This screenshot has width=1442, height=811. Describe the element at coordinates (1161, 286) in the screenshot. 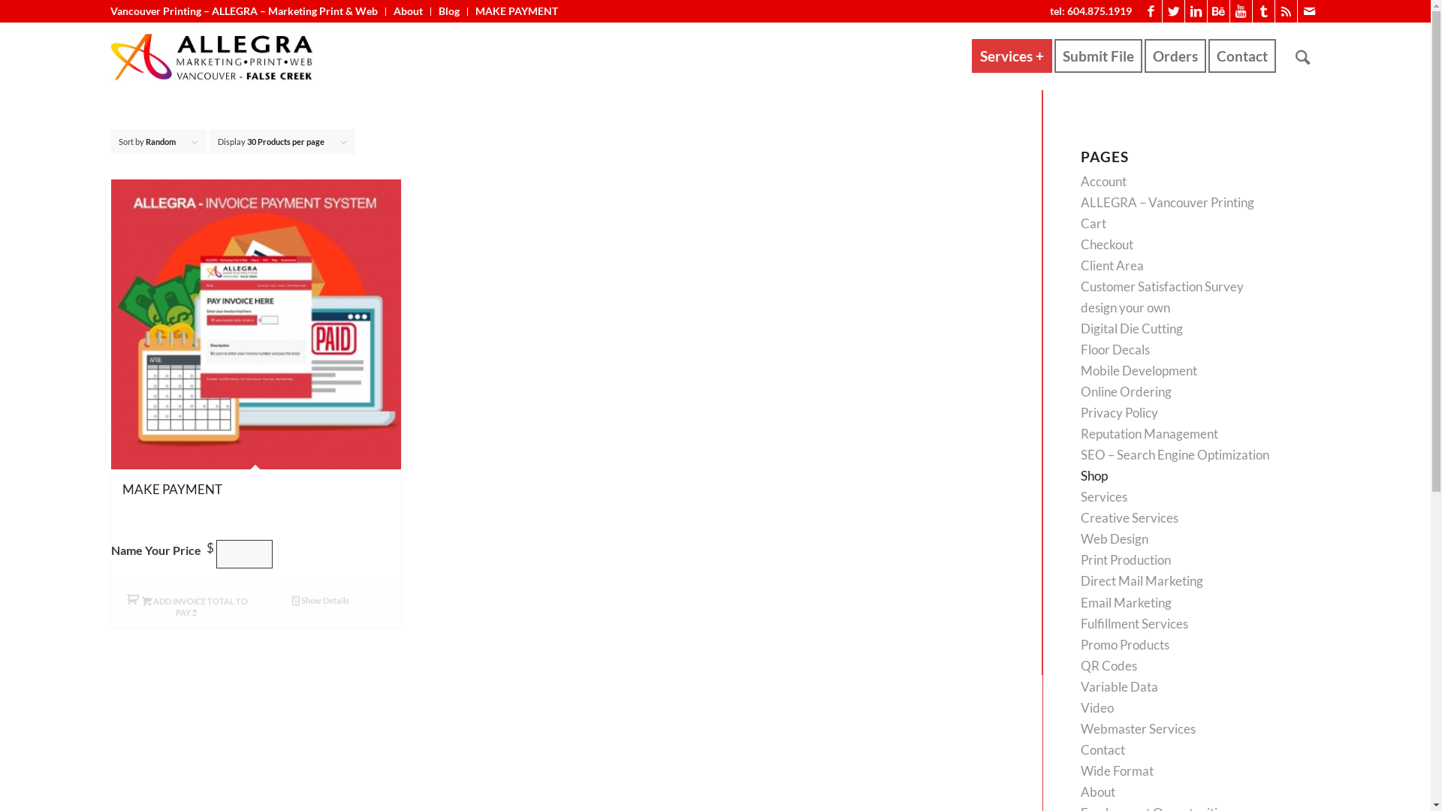

I see `'Customer Satisfaction Survey'` at that location.